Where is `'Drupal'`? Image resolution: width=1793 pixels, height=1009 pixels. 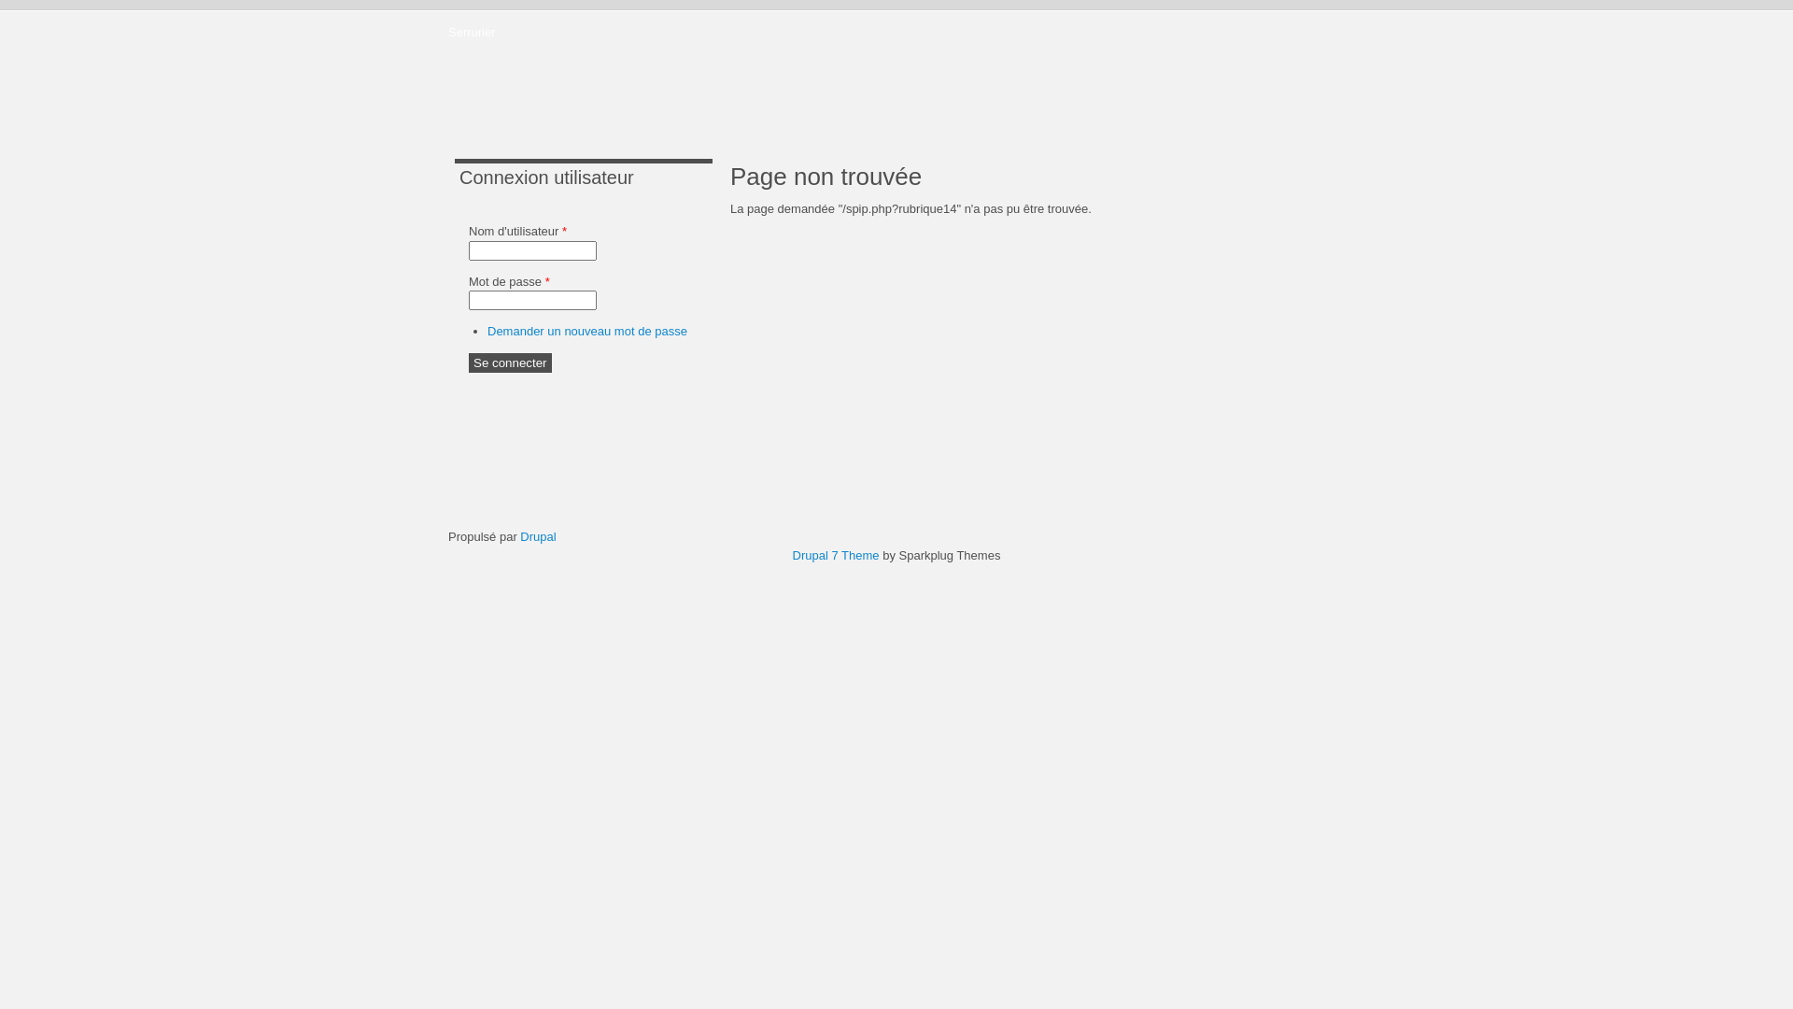
'Drupal' is located at coordinates (537, 536).